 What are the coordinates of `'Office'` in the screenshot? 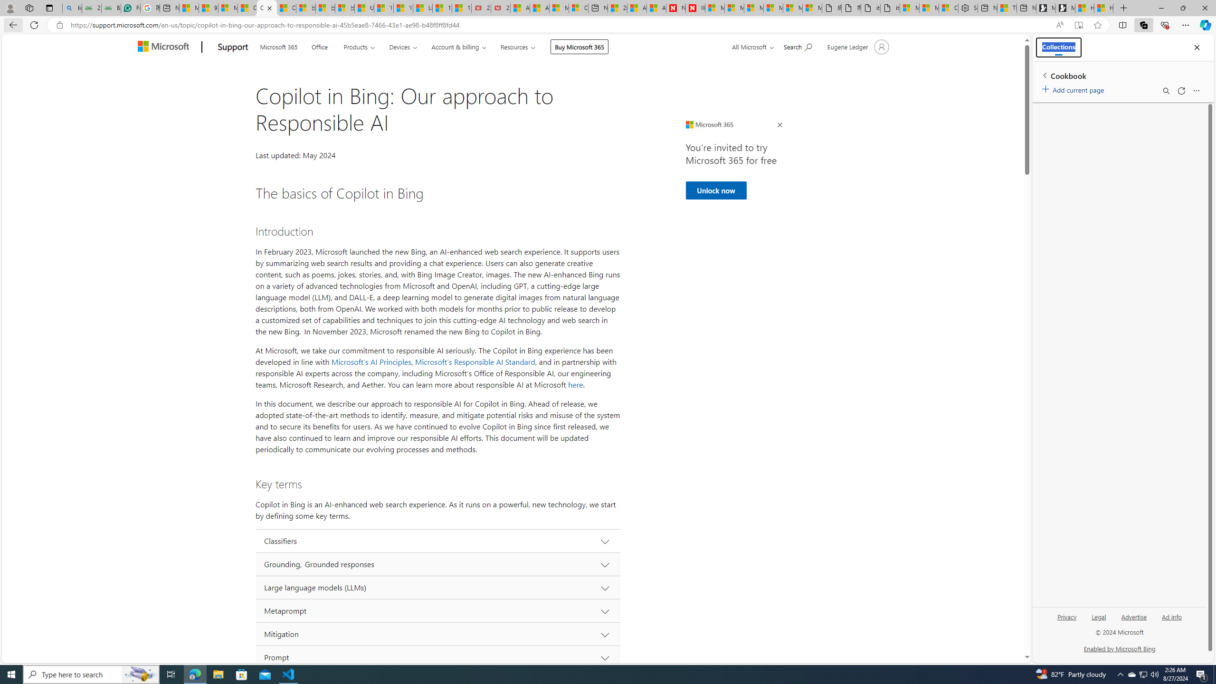 It's located at (319, 46).